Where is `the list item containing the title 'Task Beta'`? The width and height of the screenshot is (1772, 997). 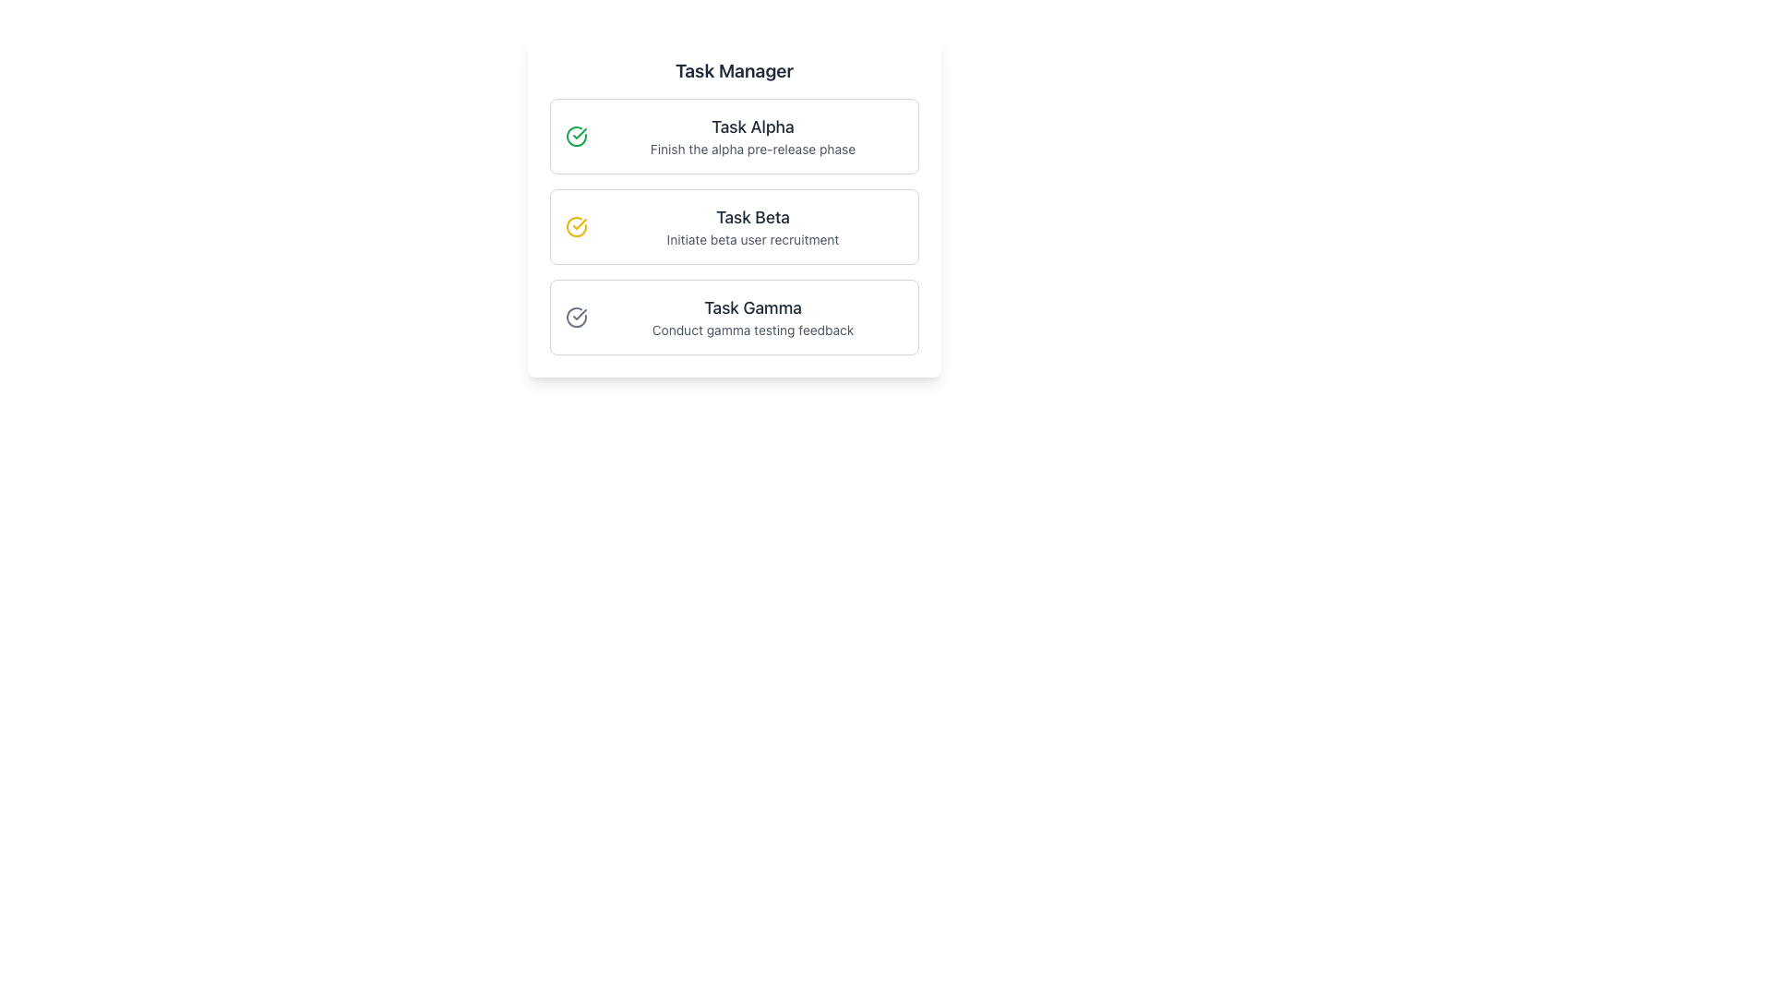 the list item containing the title 'Task Beta' is located at coordinates (753, 226).